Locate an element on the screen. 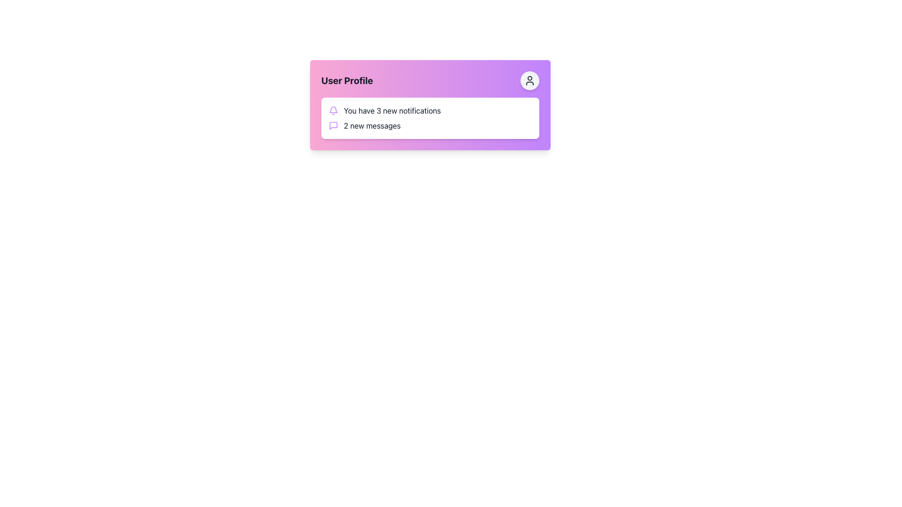  the individual notifications in the summary notification widget located below the 'User Profile' title, which displays the number of unread notifications and messages is located at coordinates (430, 117).